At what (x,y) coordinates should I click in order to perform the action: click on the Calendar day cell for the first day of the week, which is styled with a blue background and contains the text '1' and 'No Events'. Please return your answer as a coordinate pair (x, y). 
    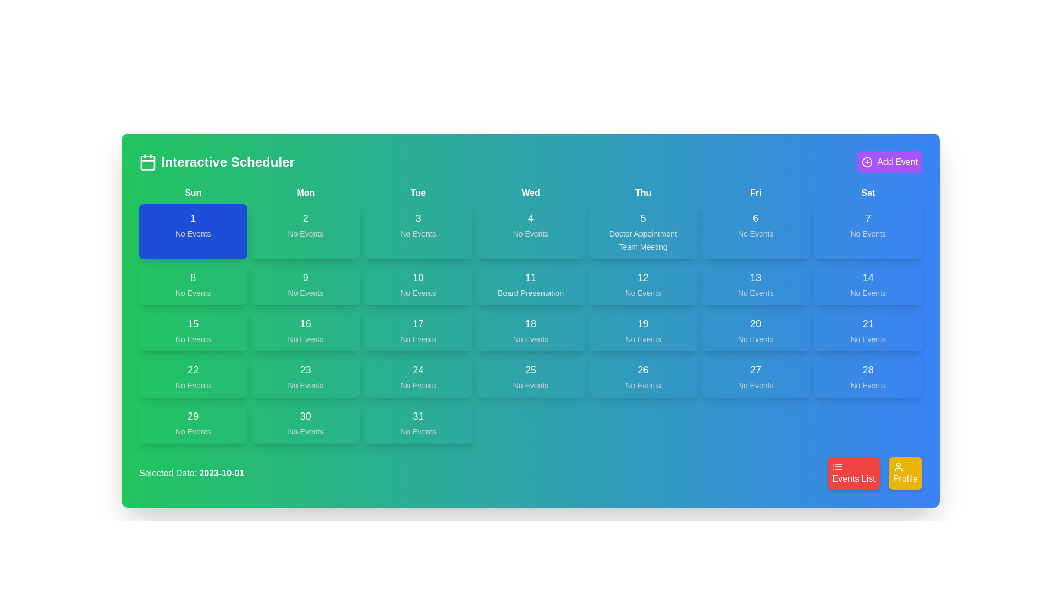
    Looking at the image, I should click on (193, 230).